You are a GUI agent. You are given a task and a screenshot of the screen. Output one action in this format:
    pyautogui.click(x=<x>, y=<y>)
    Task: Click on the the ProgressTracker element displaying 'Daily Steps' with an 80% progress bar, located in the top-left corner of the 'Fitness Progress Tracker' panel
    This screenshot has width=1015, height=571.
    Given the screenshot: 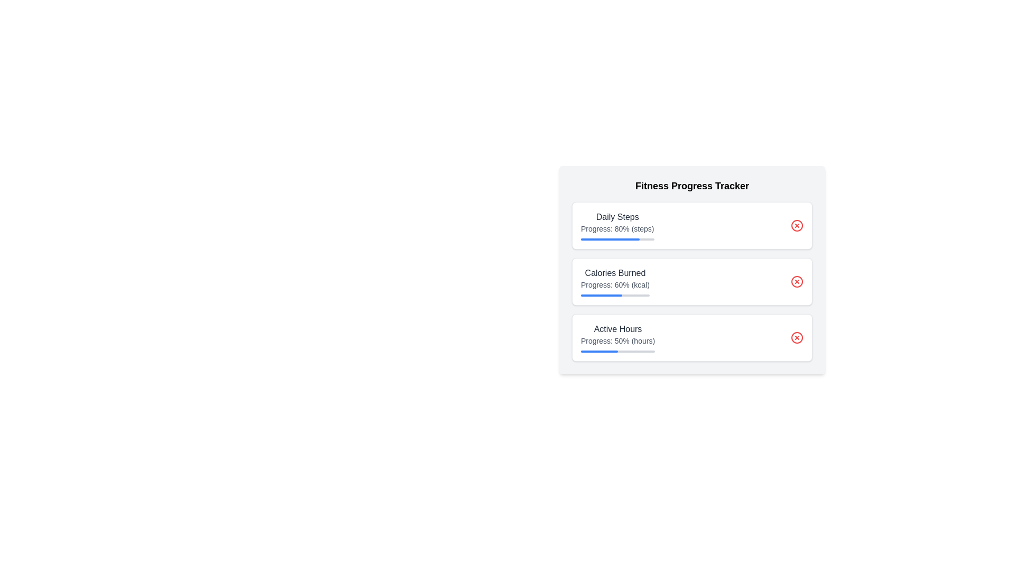 What is the action you would take?
    pyautogui.click(x=617, y=225)
    